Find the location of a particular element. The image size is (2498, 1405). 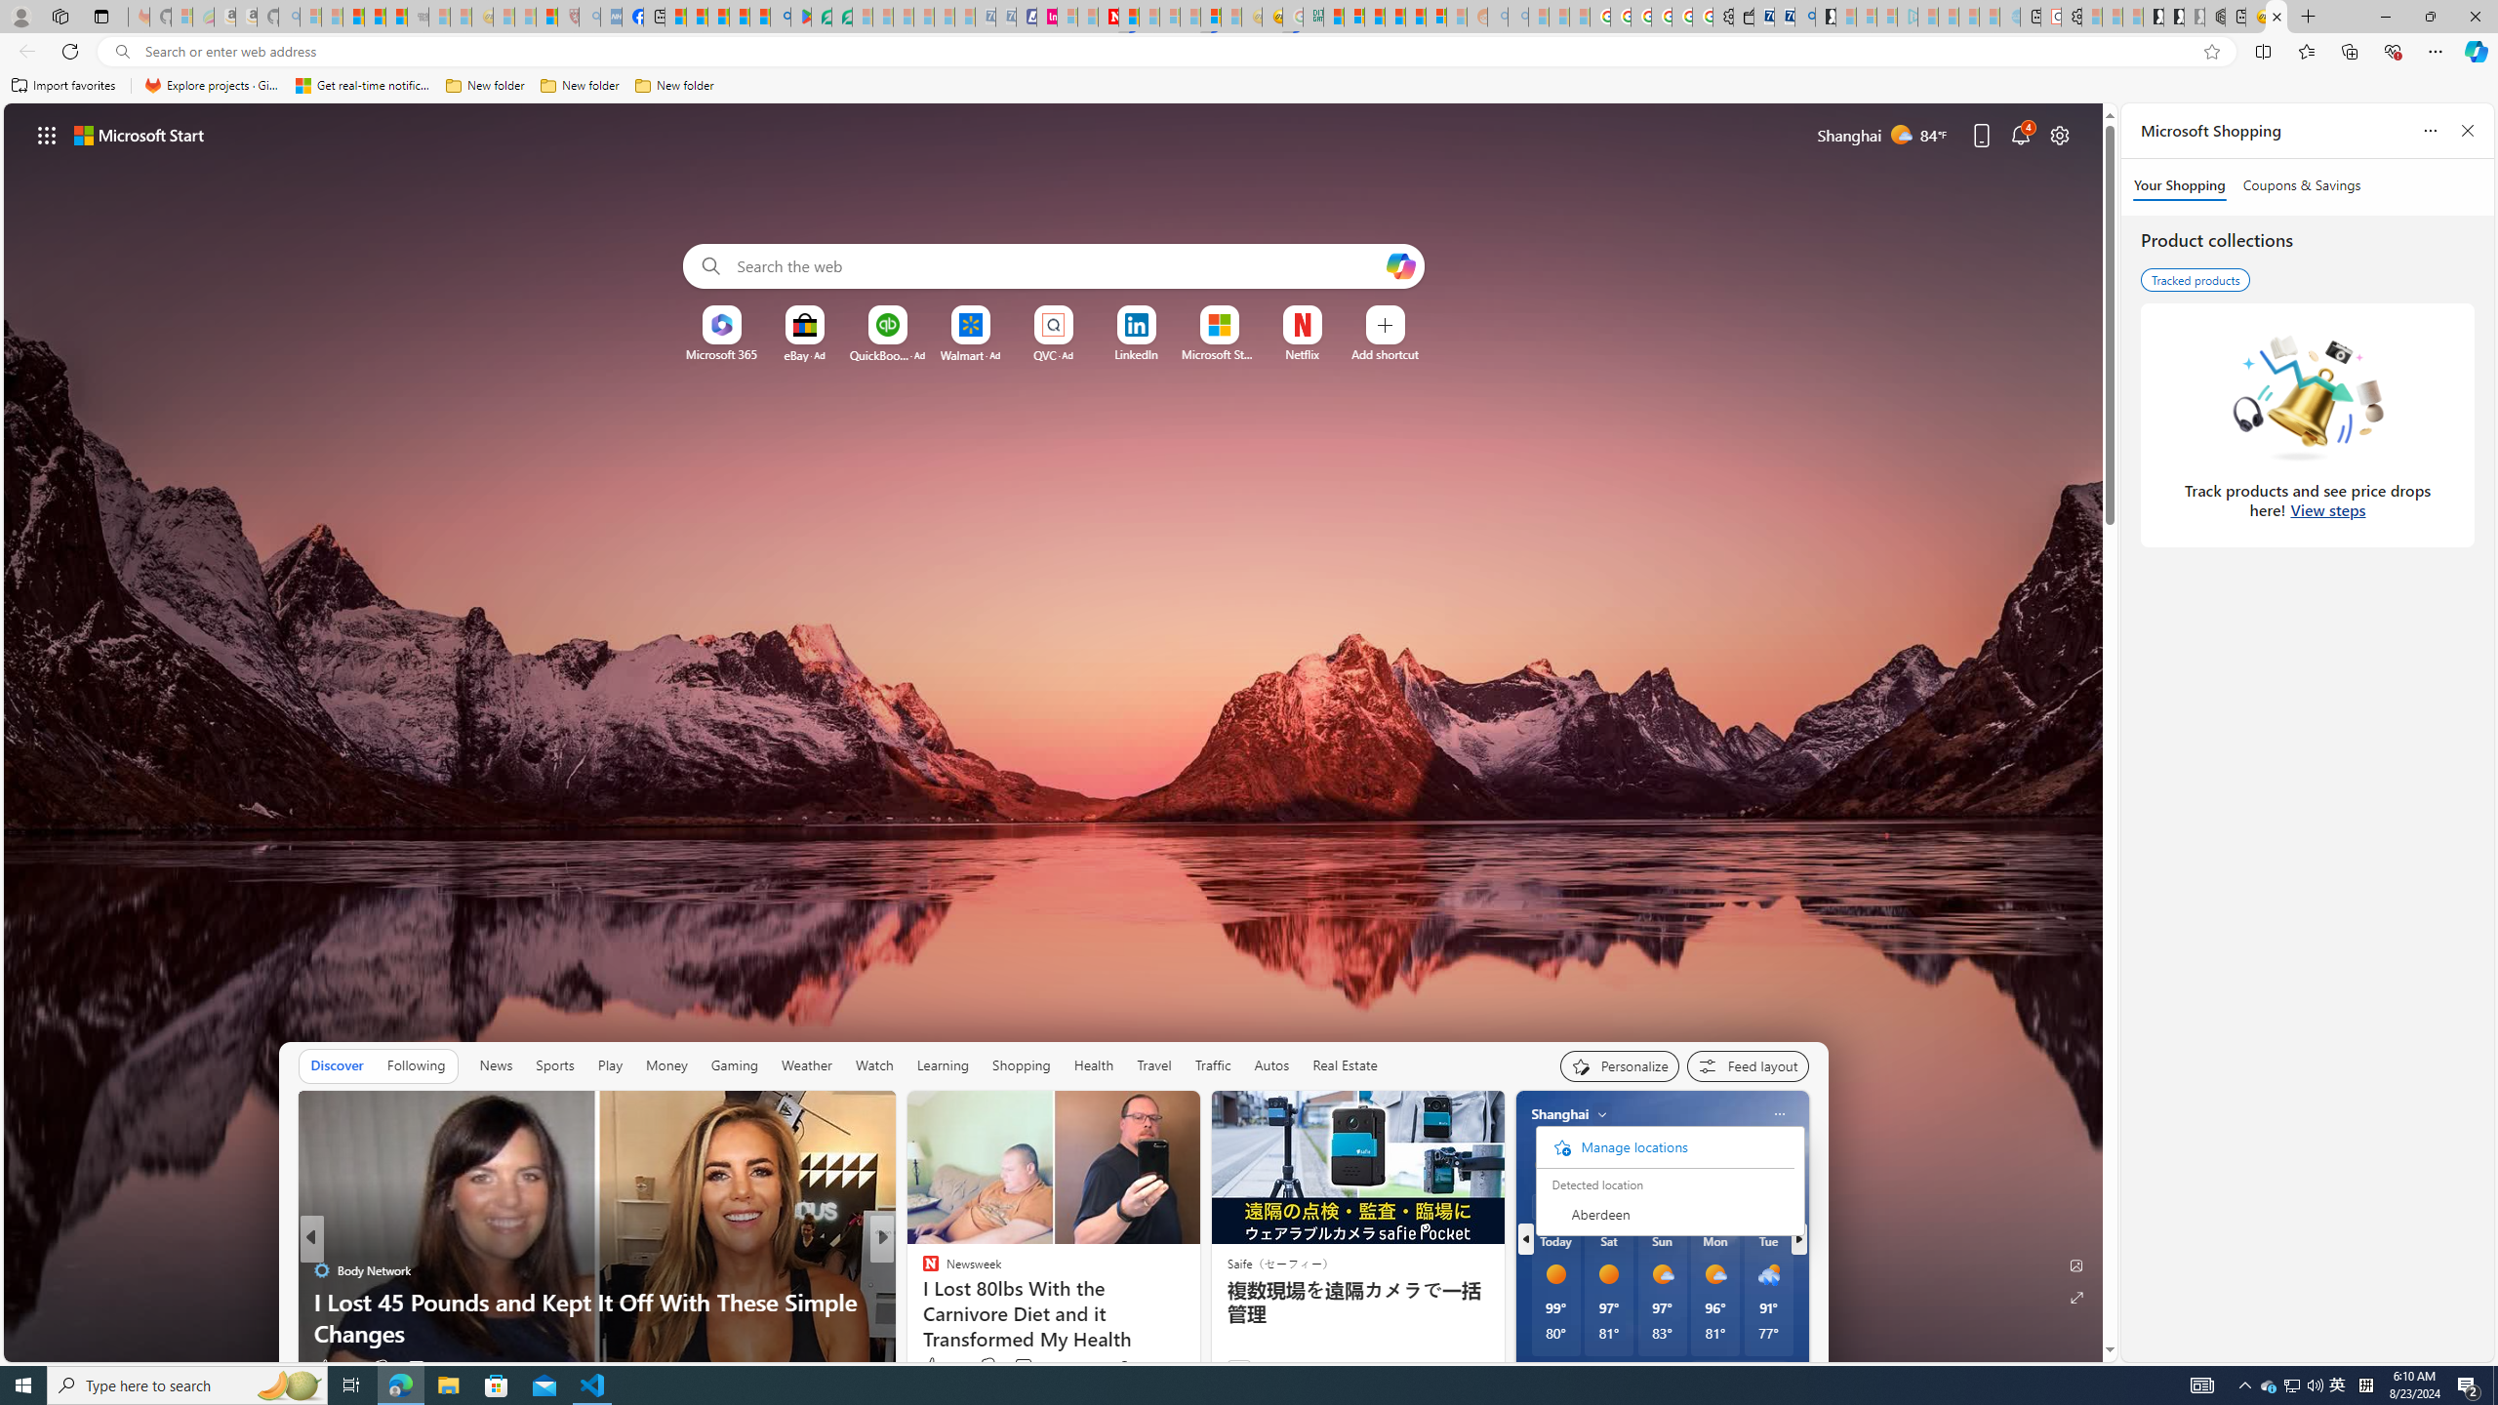

'Class: footer-menu' is located at coordinates (1664, 1146).